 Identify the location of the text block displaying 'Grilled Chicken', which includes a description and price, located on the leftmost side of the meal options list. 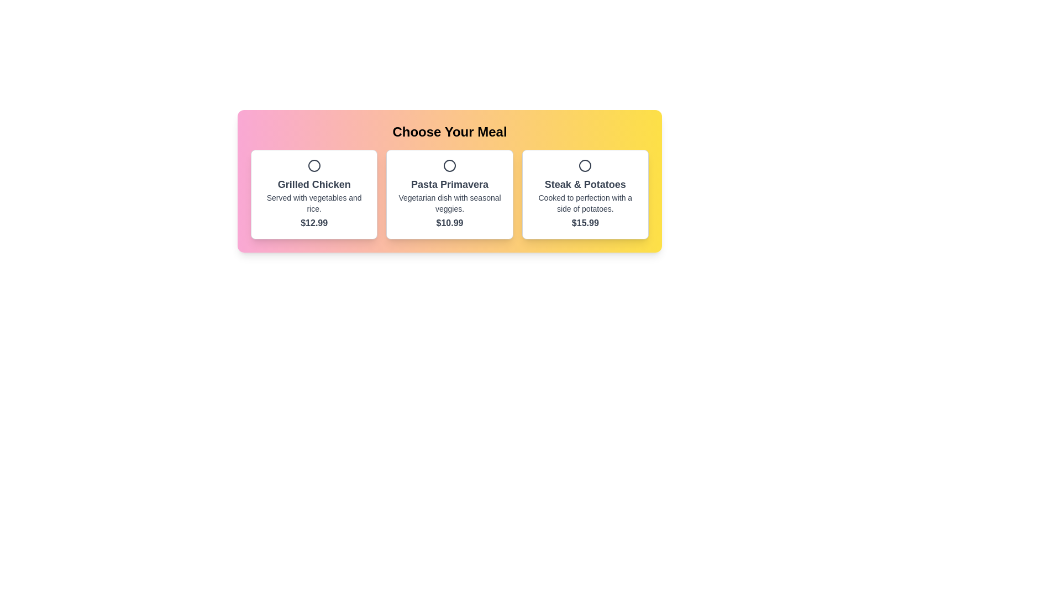
(313, 203).